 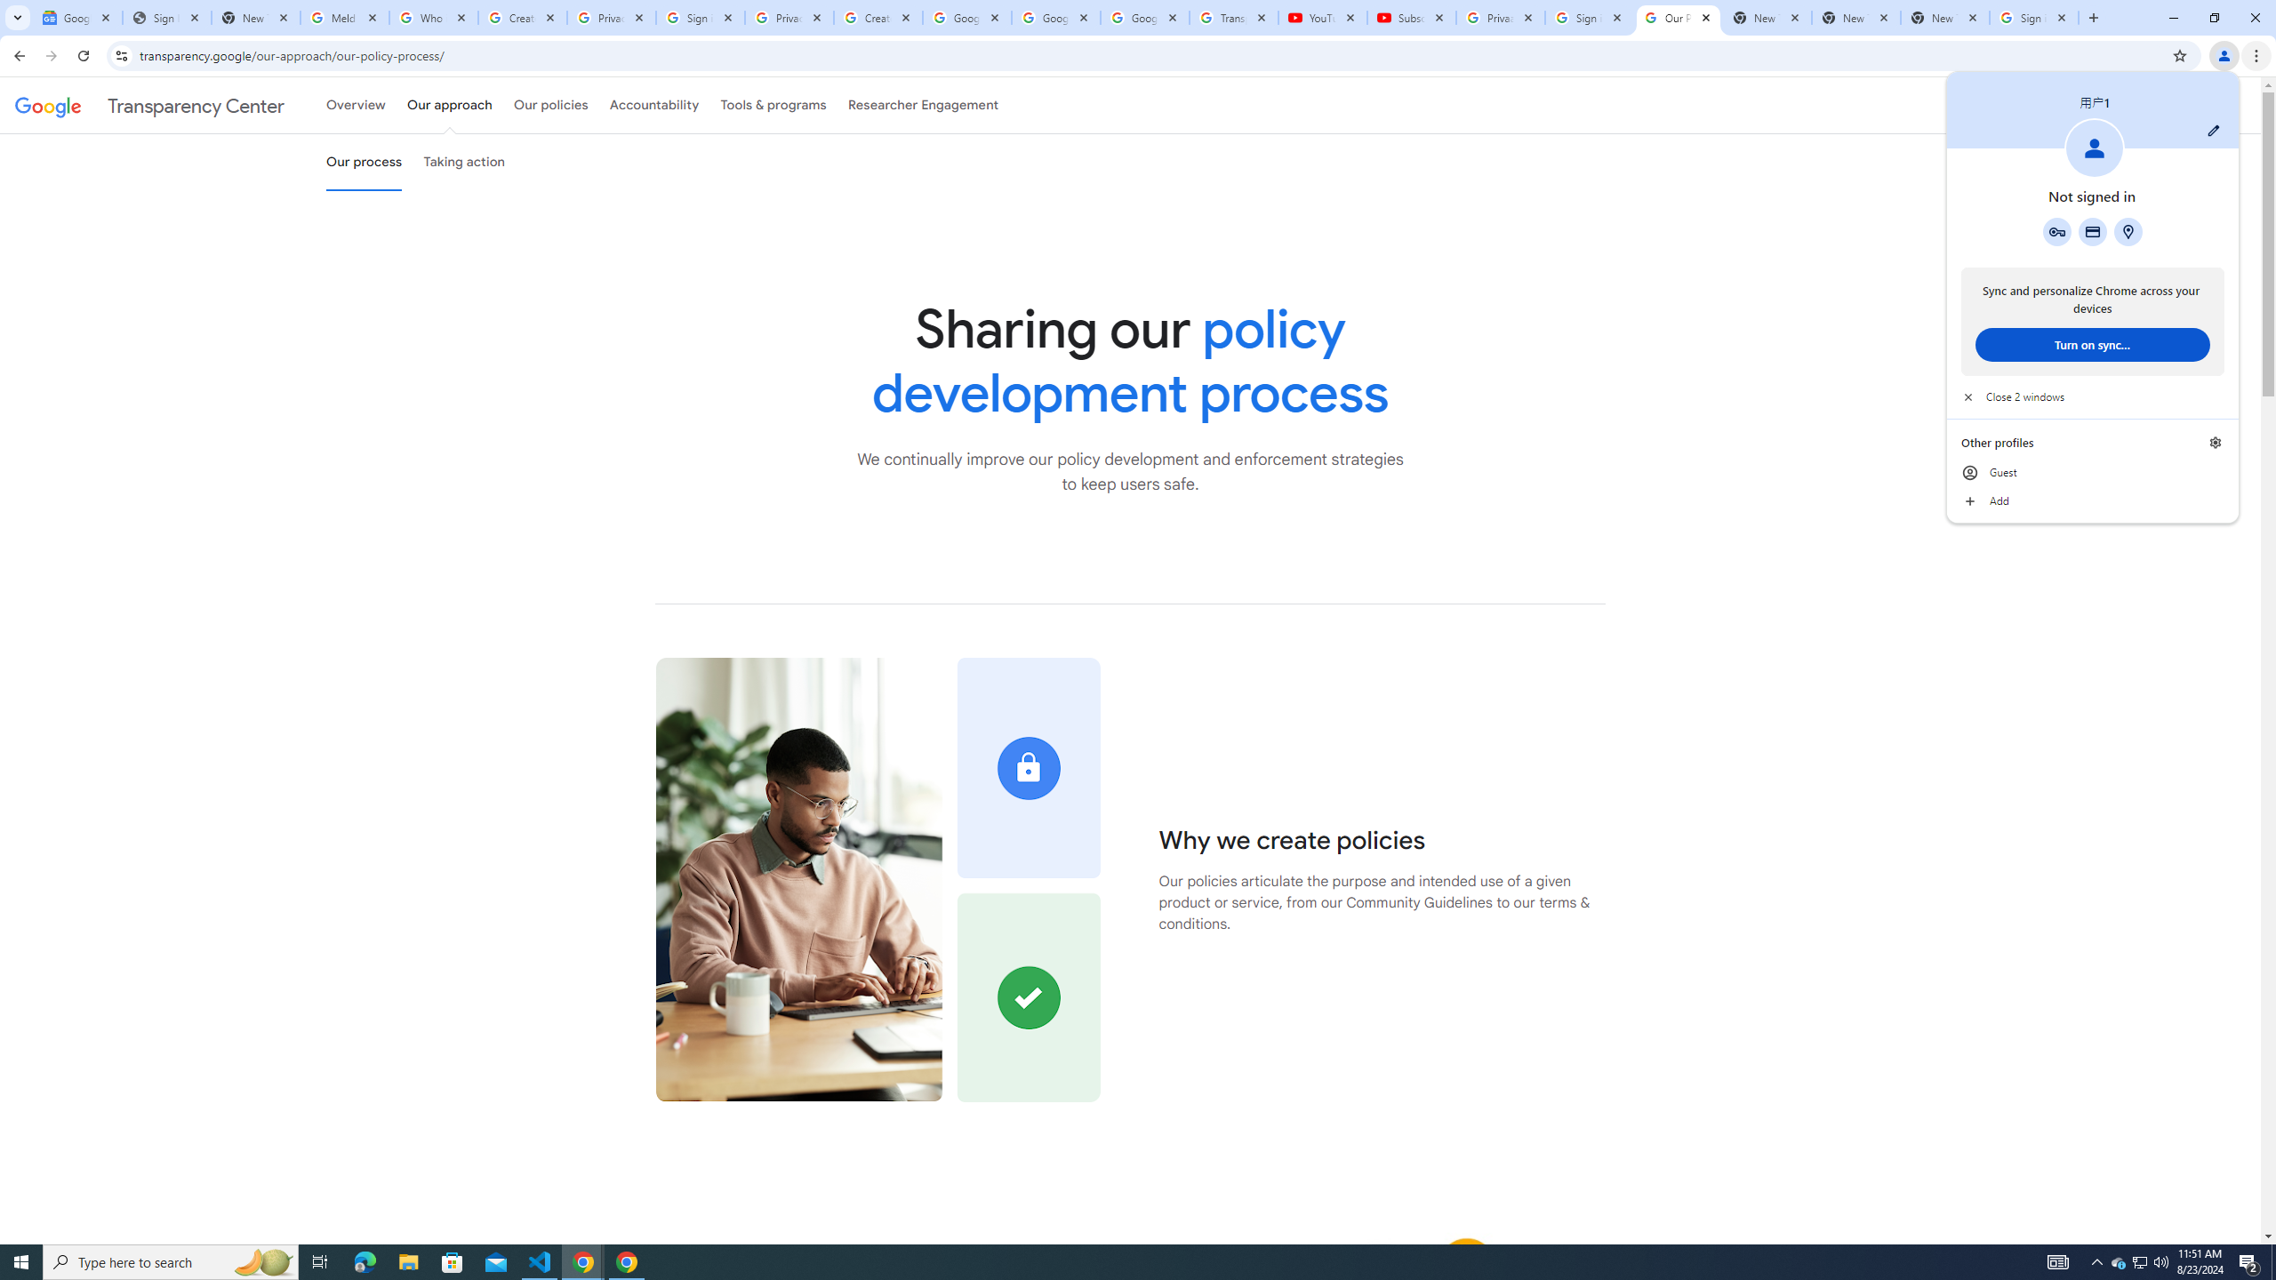 I want to click on 'Type here to search', so click(x=170, y=1260).